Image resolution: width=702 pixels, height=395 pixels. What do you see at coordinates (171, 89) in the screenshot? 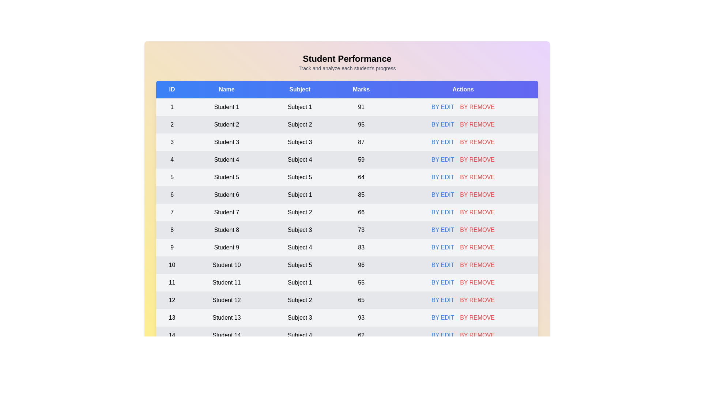
I see `the table header to sort by ID` at bounding box center [171, 89].